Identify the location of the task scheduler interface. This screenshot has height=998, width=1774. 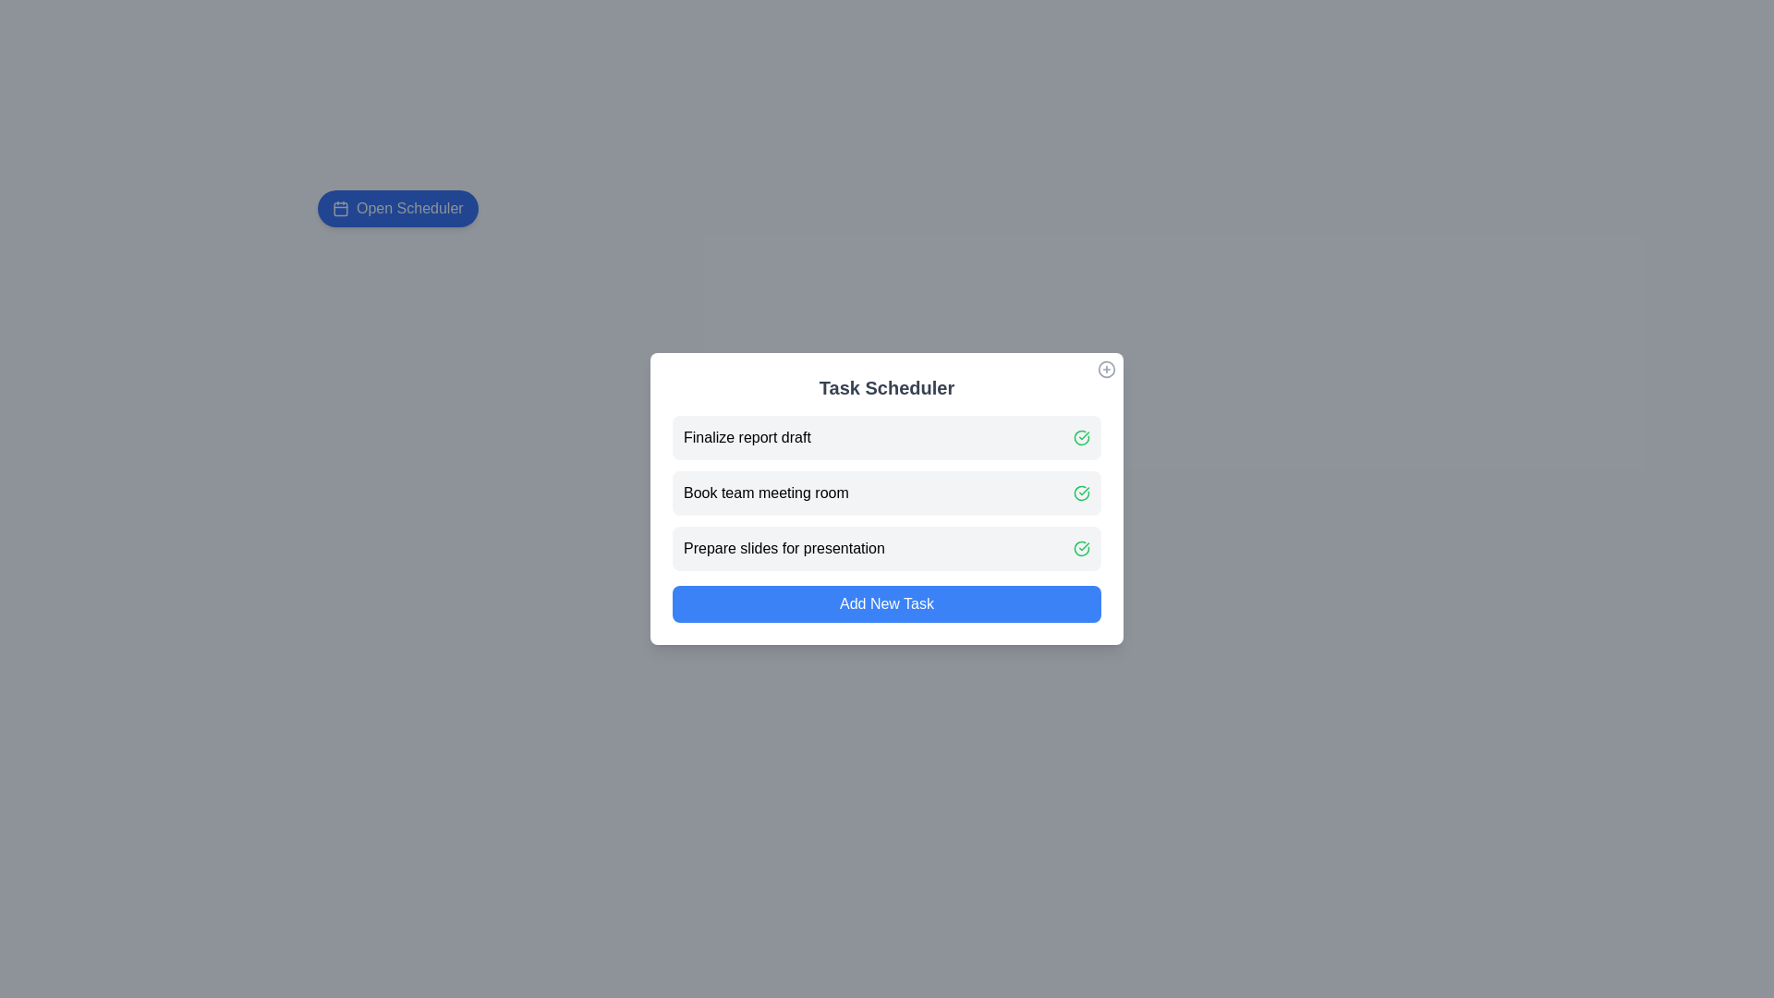
(887, 499).